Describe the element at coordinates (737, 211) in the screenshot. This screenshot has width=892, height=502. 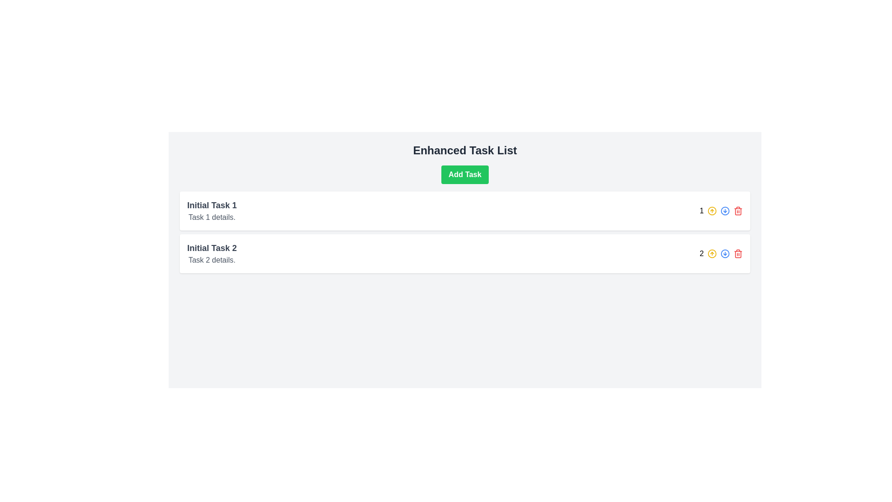
I see `the delete button associated with task item number 1` at that location.